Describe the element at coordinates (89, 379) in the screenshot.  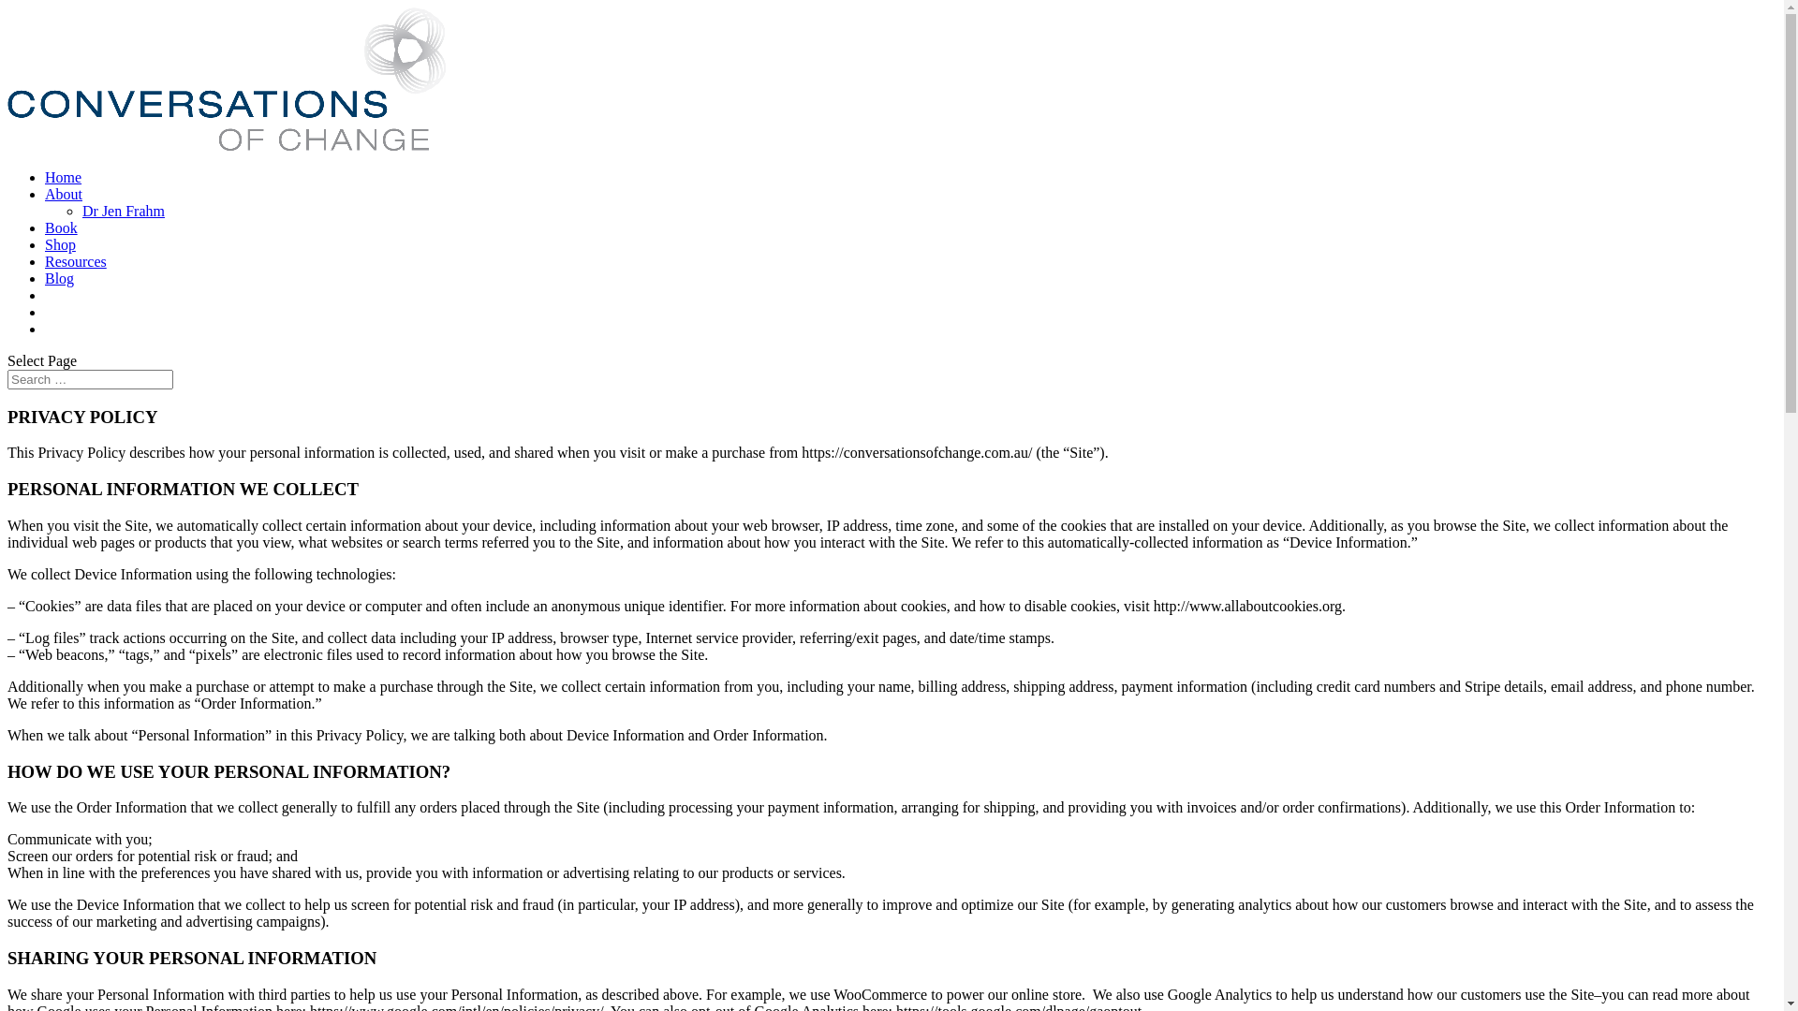
I see `'Search for:'` at that location.